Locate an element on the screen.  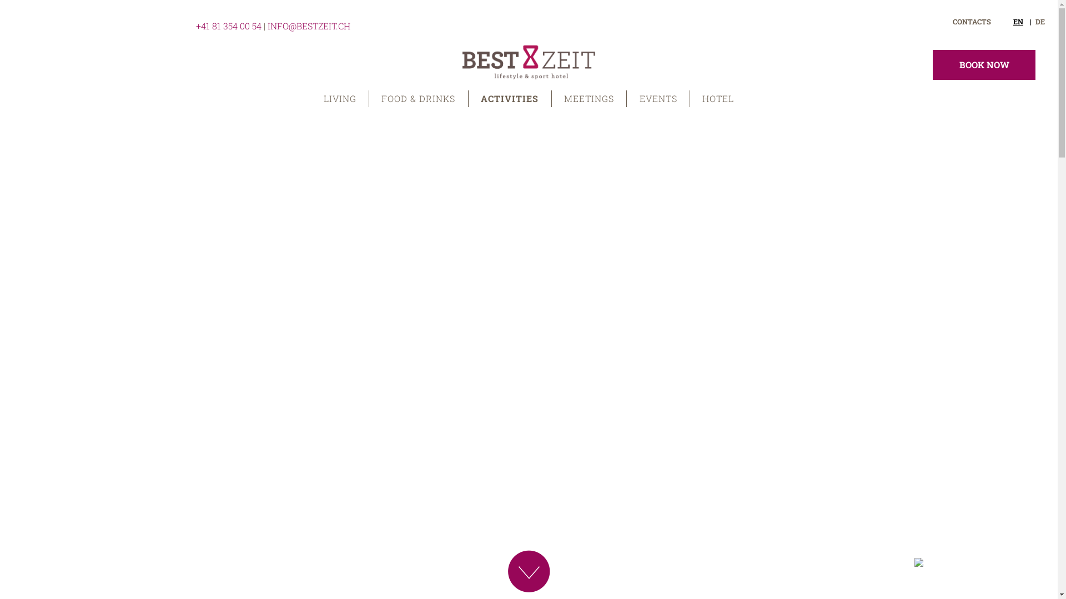
'ACTIVITIES' is located at coordinates (509, 98).